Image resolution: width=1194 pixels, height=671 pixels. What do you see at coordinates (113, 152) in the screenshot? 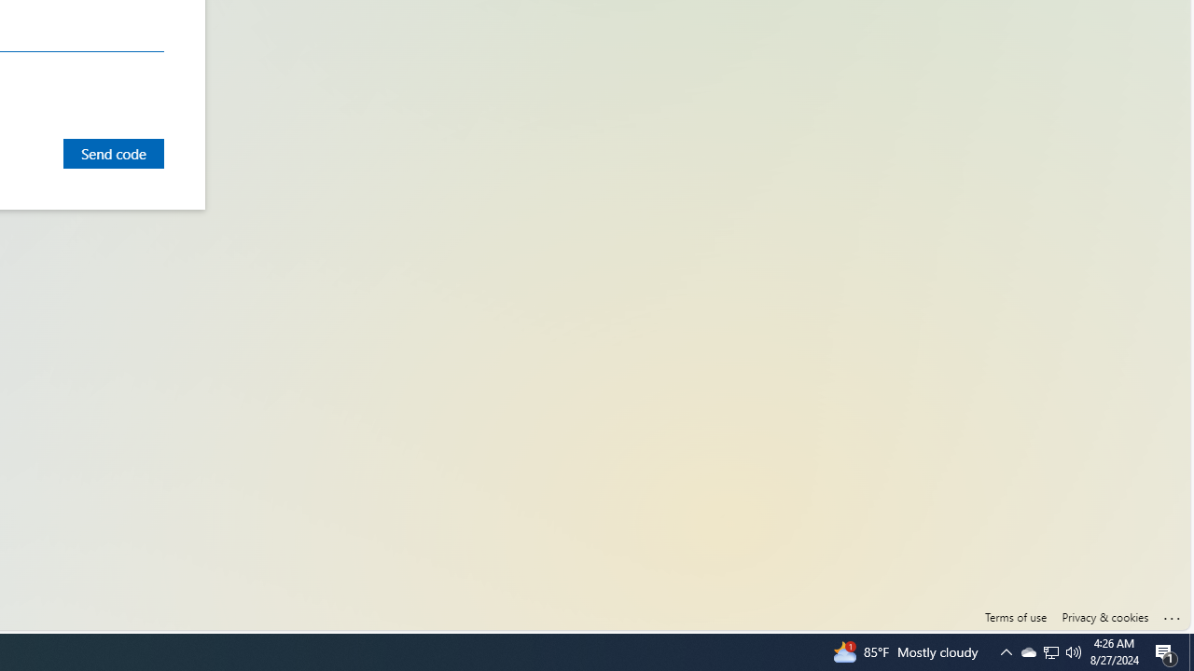
I see `'Send code'` at bounding box center [113, 152].